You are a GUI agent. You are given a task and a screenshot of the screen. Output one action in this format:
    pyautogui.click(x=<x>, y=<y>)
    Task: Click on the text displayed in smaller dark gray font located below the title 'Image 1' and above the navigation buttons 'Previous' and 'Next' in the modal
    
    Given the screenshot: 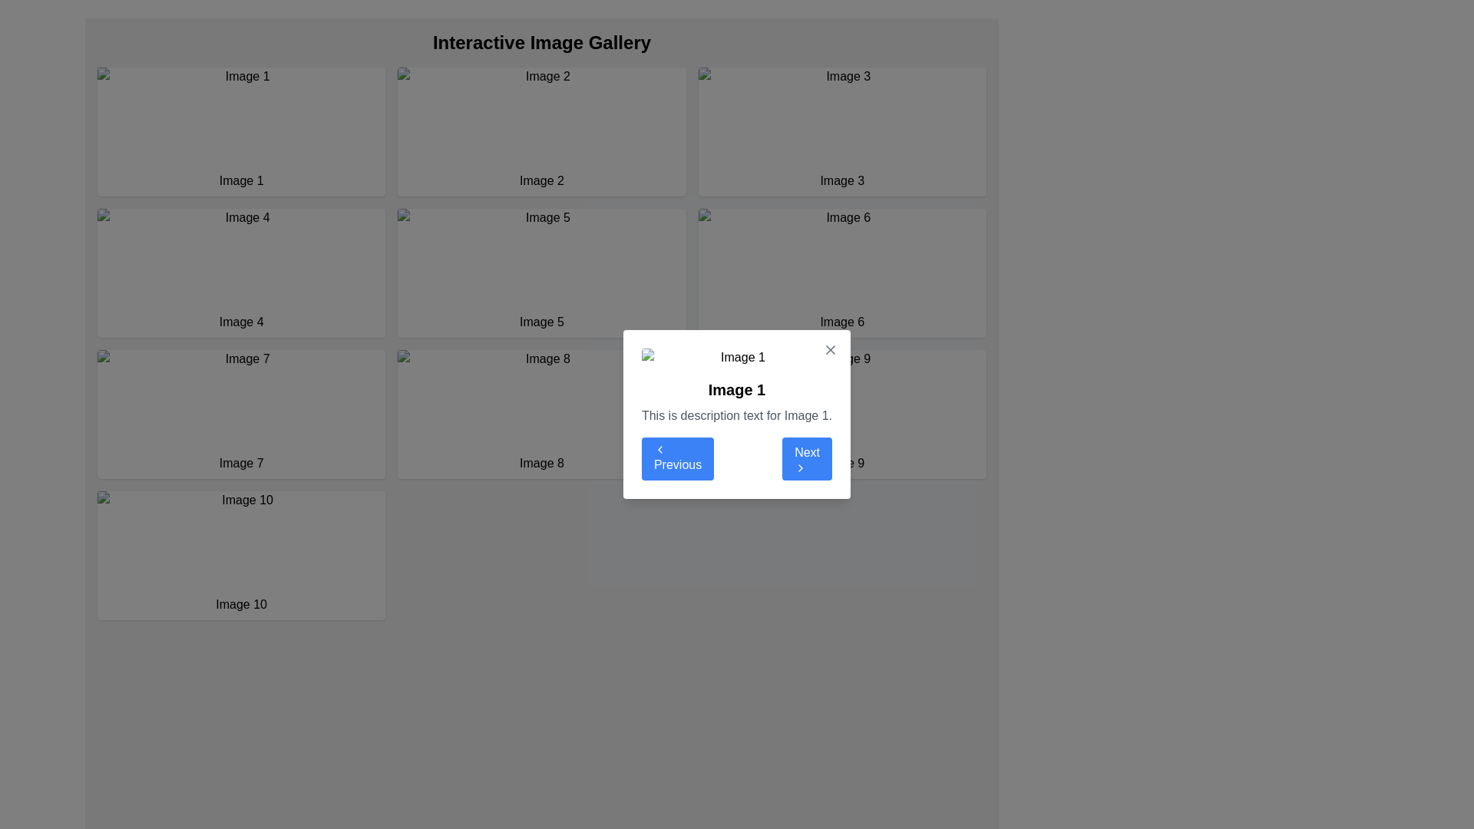 What is the action you would take?
    pyautogui.click(x=737, y=416)
    